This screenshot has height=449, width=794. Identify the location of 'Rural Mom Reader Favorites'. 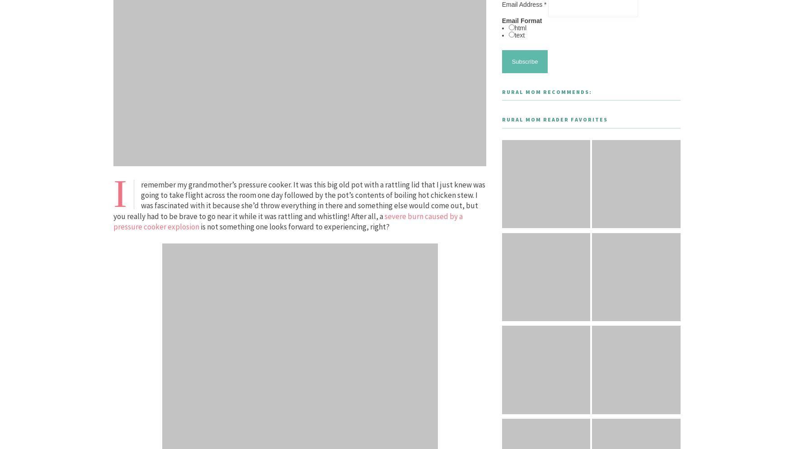
(554, 119).